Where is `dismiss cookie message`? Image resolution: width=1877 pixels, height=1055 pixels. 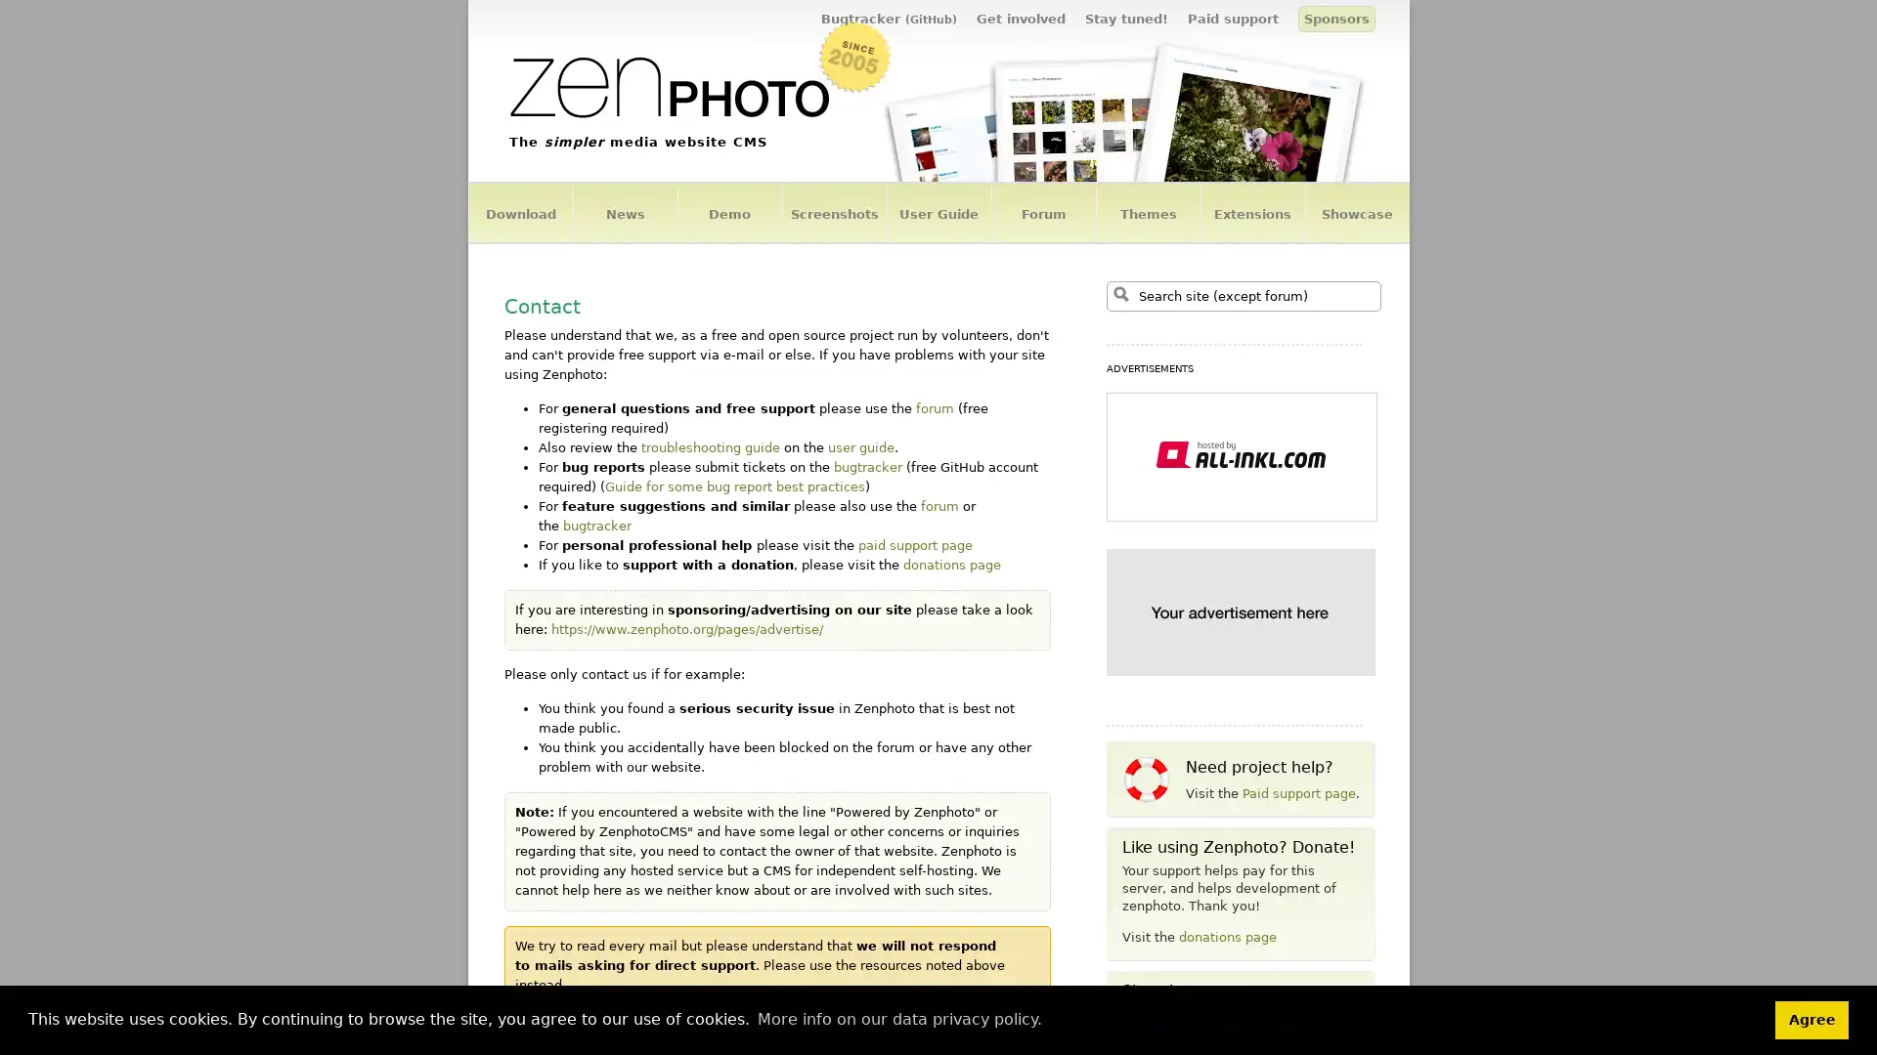 dismiss cookie message is located at coordinates (1811, 1019).